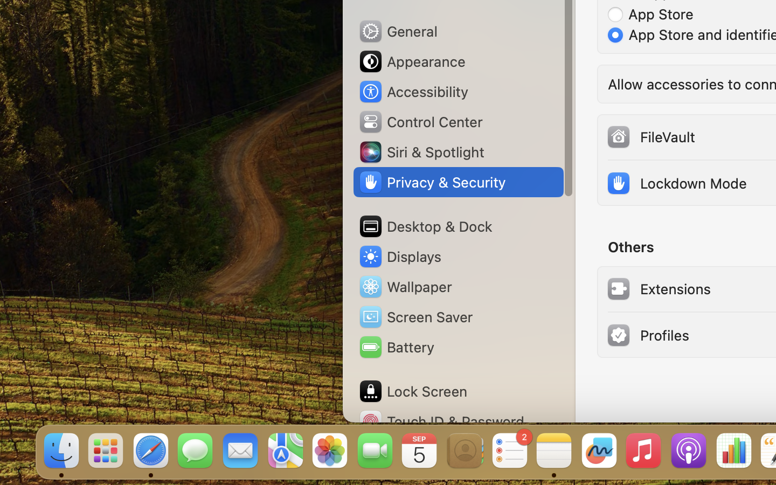  I want to click on 'Battery', so click(395, 347).